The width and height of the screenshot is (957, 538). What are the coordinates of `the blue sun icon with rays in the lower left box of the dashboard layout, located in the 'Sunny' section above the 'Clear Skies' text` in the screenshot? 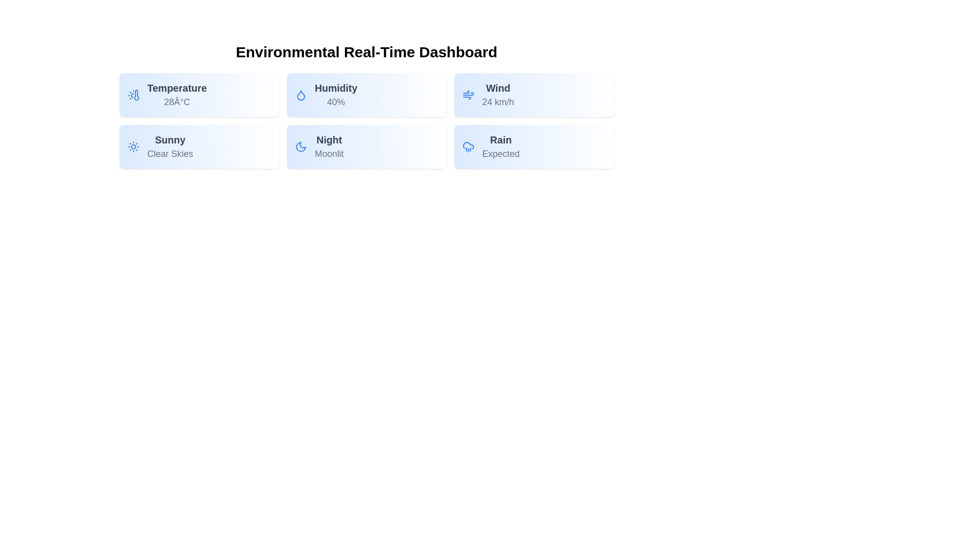 It's located at (133, 146).